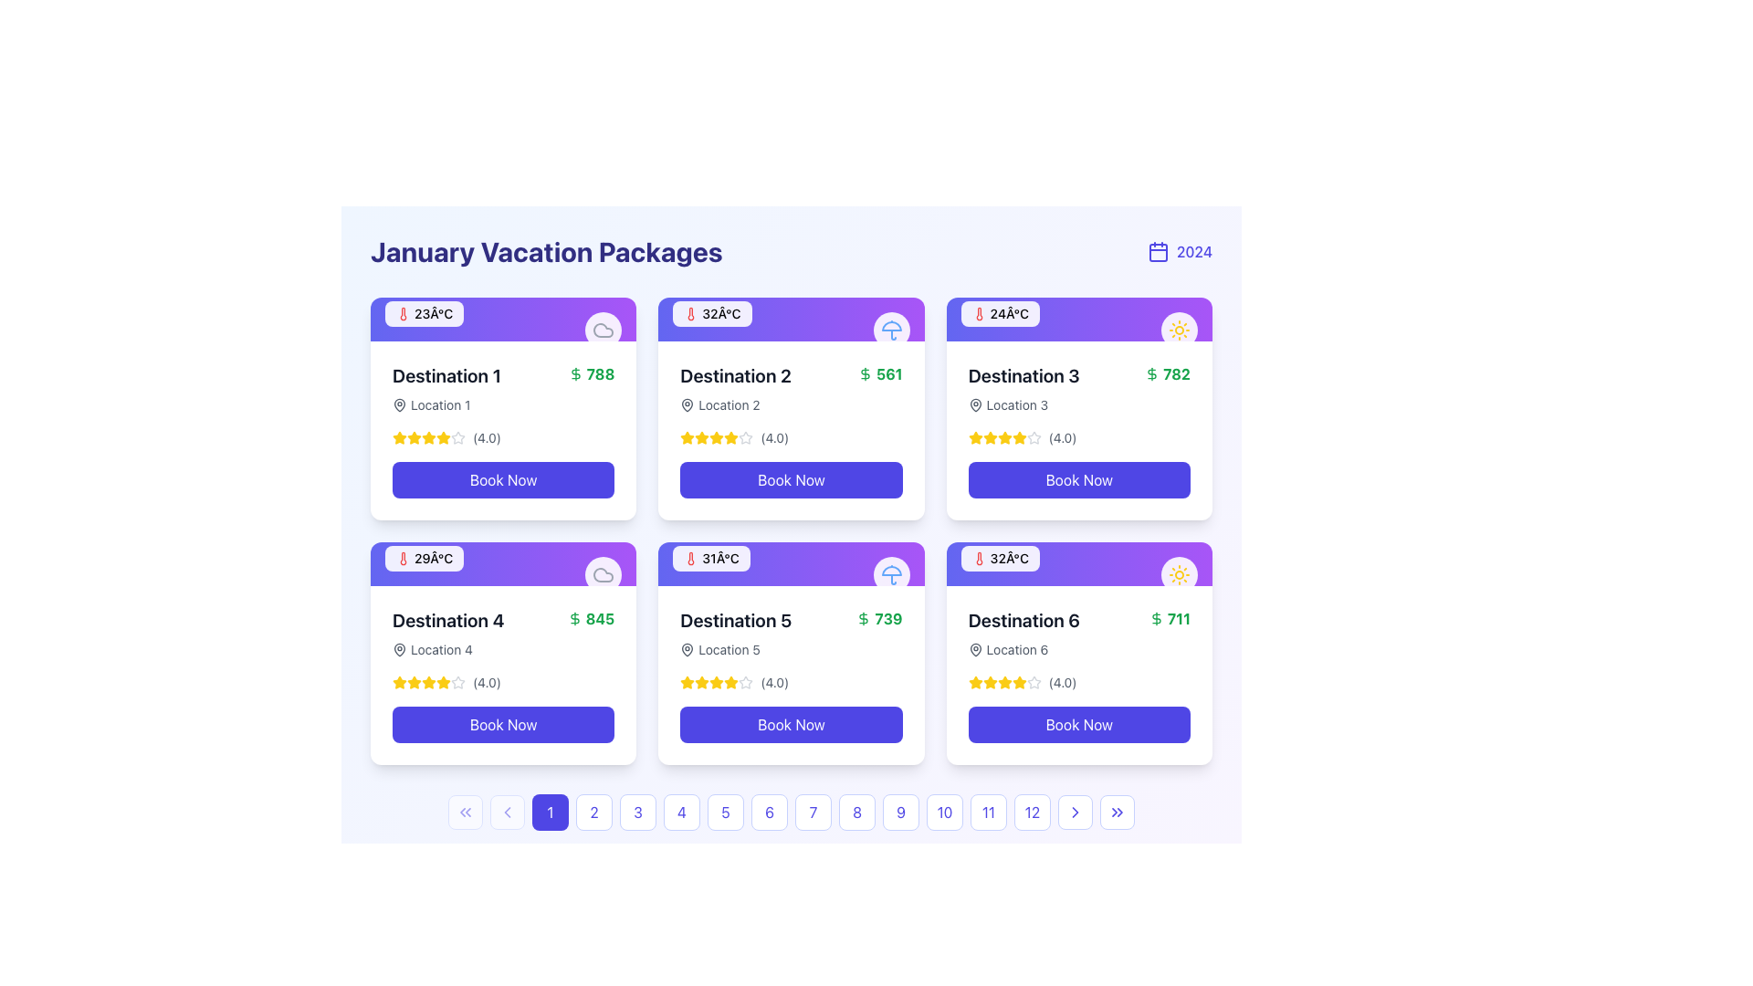 Image resolution: width=1753 pixels, height=986 pixels. Describe the element at coordinates (424, 558) in the screenshot. I see `the informational badge that displays the temperature in Celsius, located at the bottom-left corner of the card, above the main information` at that location.